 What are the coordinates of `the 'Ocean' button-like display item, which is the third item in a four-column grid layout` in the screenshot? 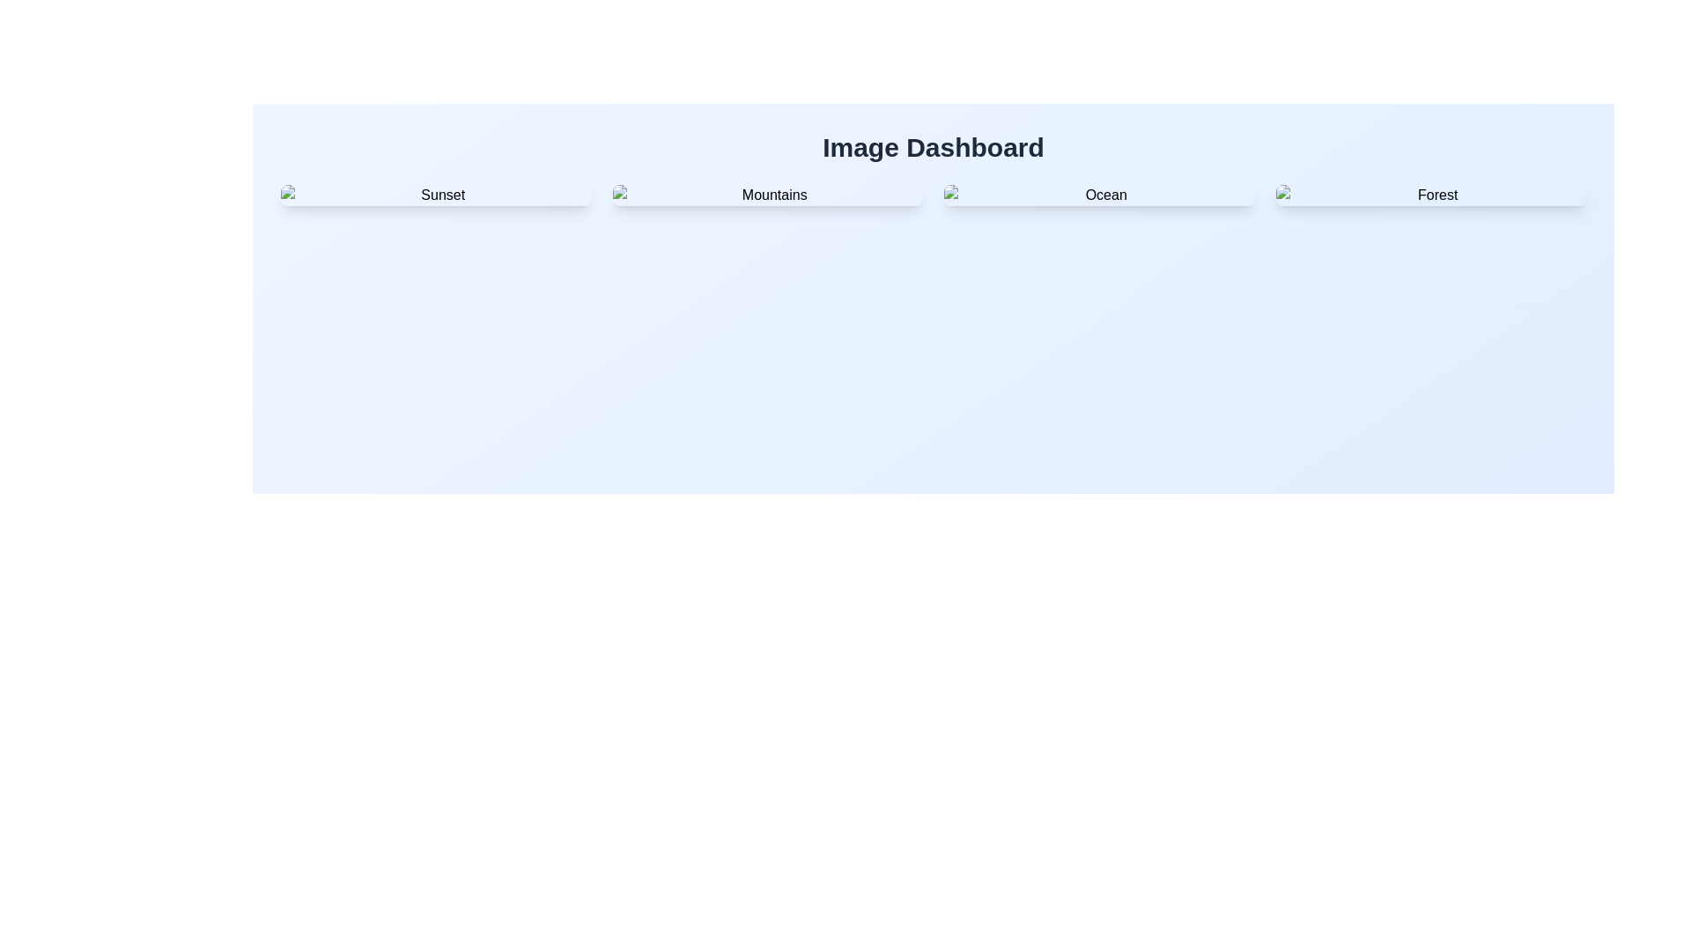 It's located at (1098, 195).